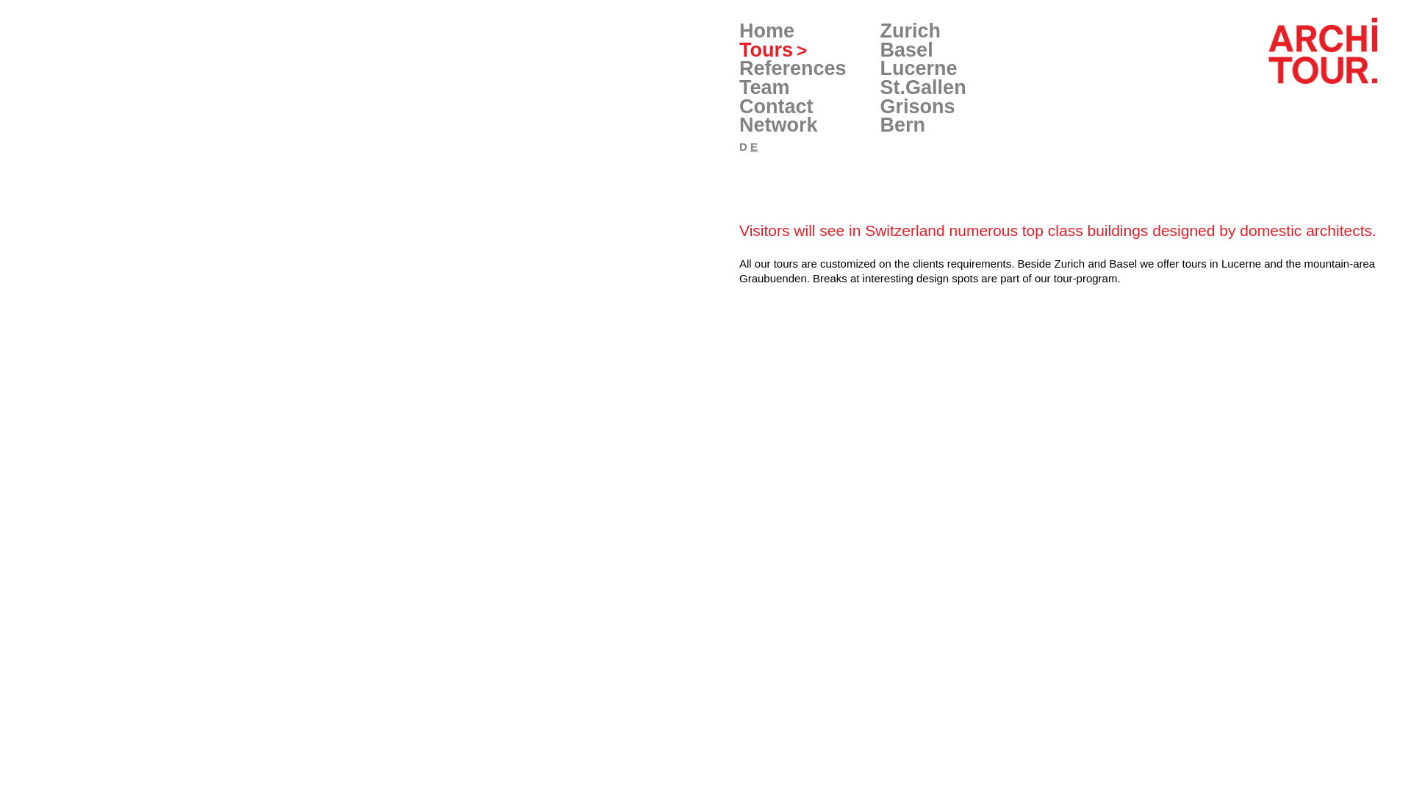  Describe the element at coordinates (905, 49) in the screenshot. I see `'Basel'` at that location.